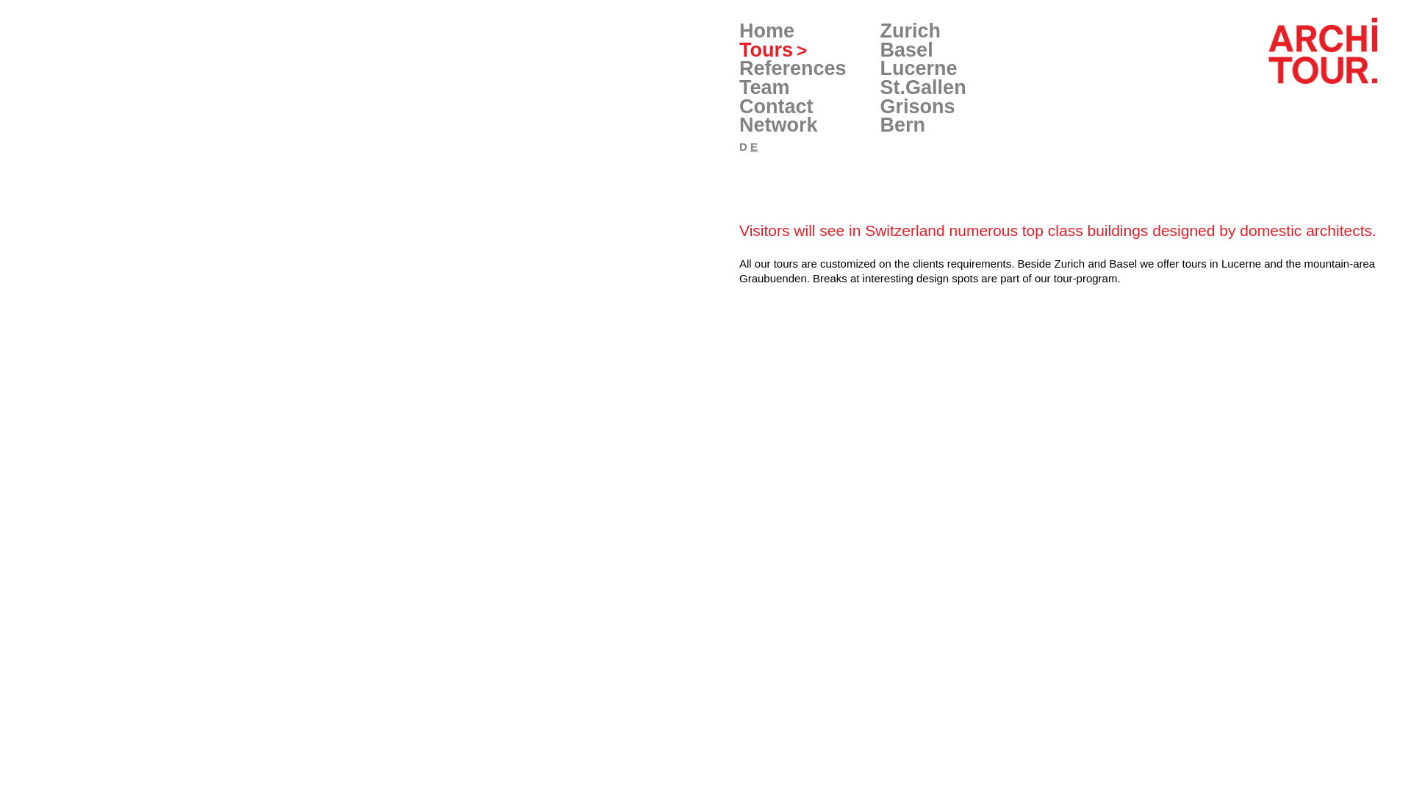  Describe the element at coordinates (905, 49) in the screenshot. I see `'Basel'` at that location.